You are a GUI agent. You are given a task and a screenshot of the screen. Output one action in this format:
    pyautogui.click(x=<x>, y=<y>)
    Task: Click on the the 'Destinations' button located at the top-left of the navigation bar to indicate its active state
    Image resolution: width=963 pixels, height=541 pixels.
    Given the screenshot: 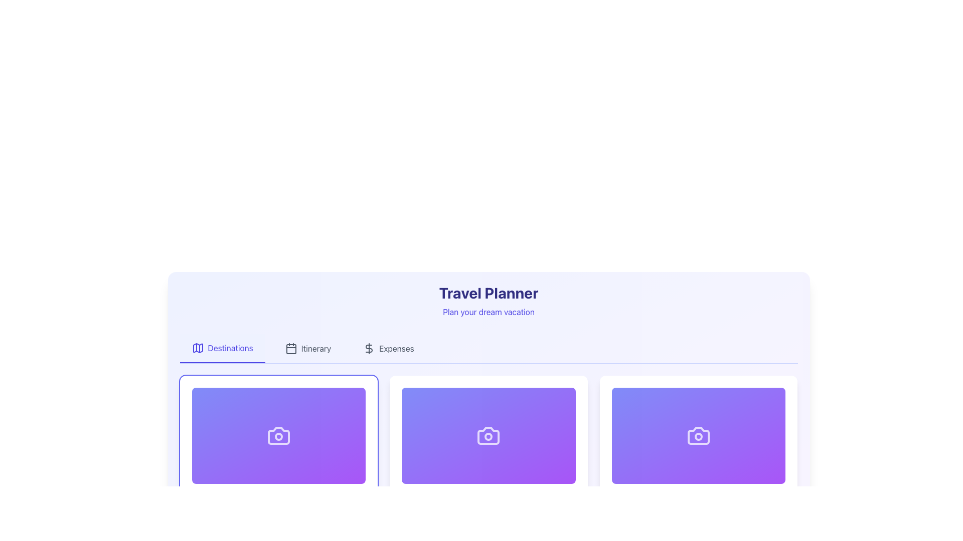 What is the action you would take?
    pyautogui.click(x=222, y=348)
    